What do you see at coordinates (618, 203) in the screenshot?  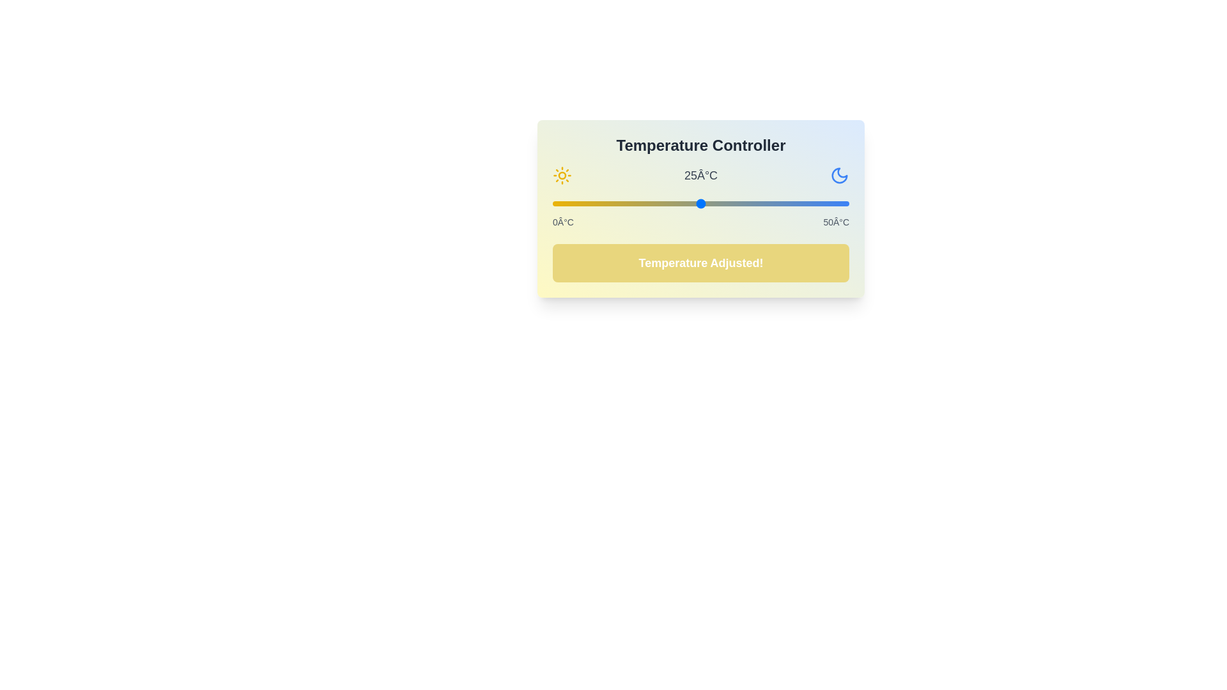 I see `the slider to set the temperature to 11°C` at bounding box center [618, 203].